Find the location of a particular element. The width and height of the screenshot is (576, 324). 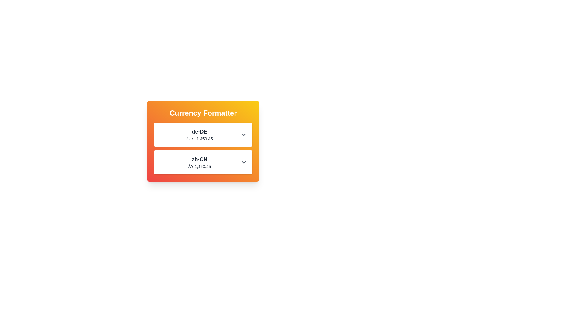

the chevron icon located on the right side of the rounded white box that contains the text 'de-DE' and a formatted currency representation is located at coordinates (244, 134).